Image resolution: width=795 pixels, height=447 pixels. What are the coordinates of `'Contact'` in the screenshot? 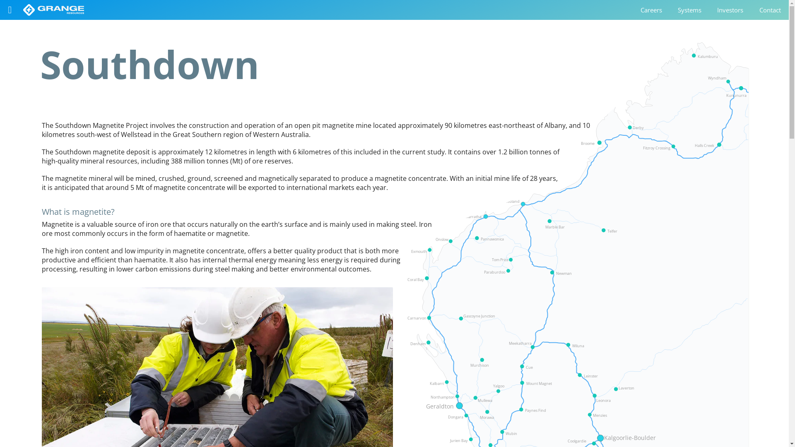 It's located at (770, 10).